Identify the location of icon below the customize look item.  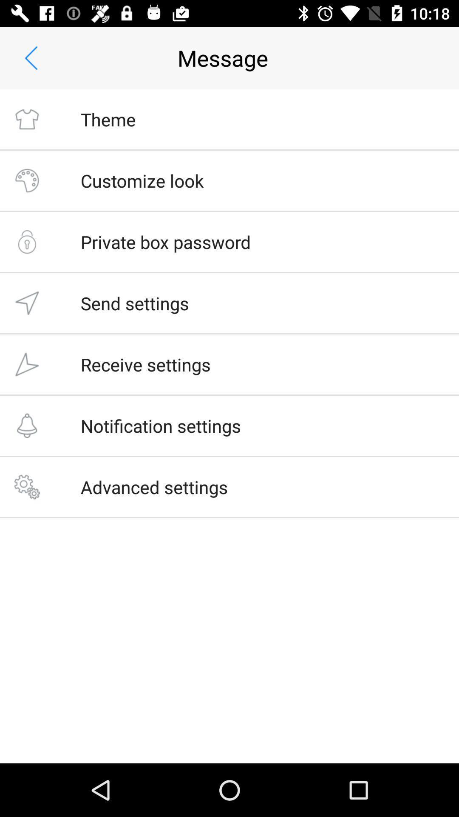
(165, 241).